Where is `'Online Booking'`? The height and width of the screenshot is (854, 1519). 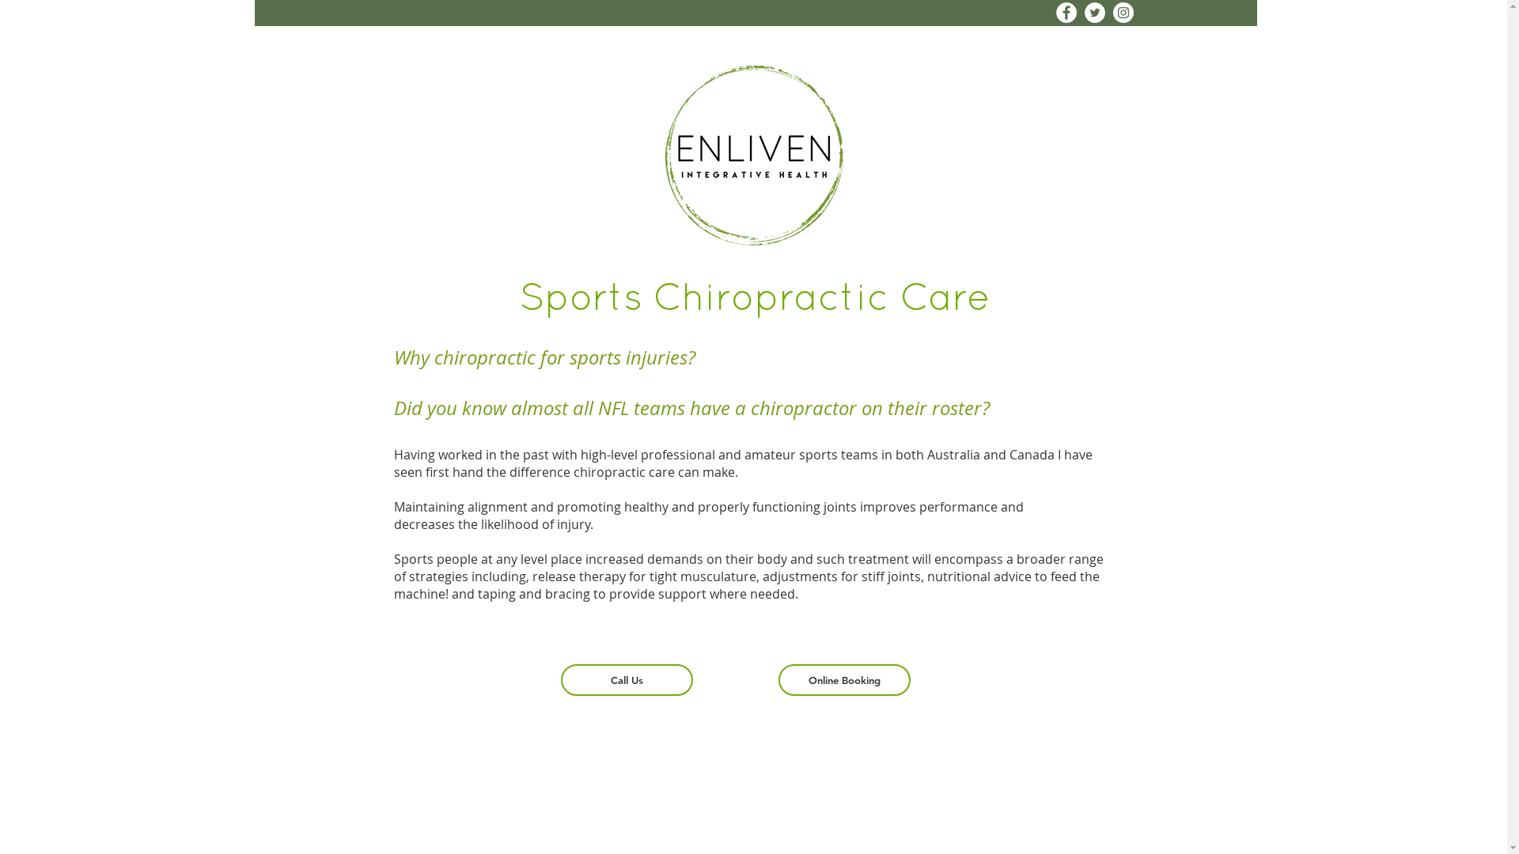 'Online Booking' is located at coordinates (843, 679).